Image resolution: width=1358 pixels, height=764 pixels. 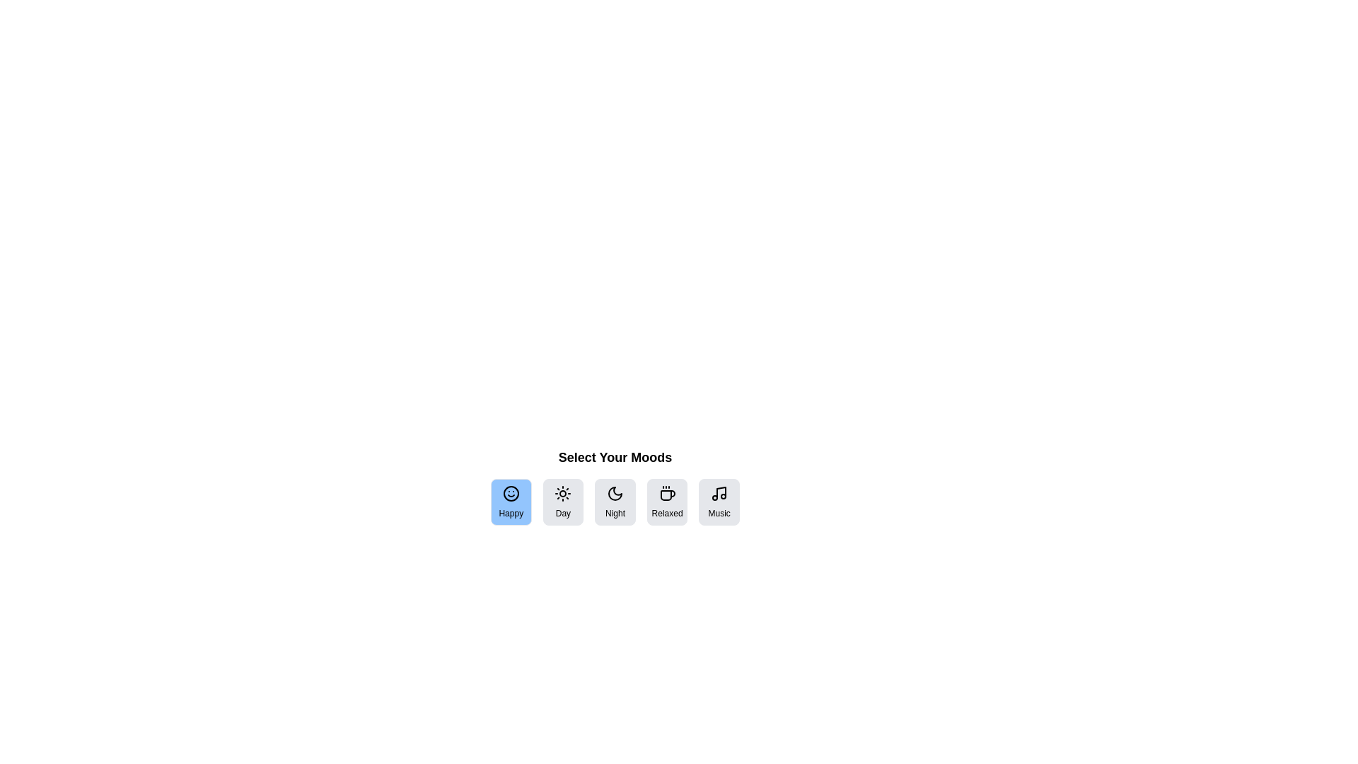 I want to click on the text label that represents the 'Happy' mood option, which is centrally located below the smiley face icon in the rounded rectangular area, so click(x=510, y=513).